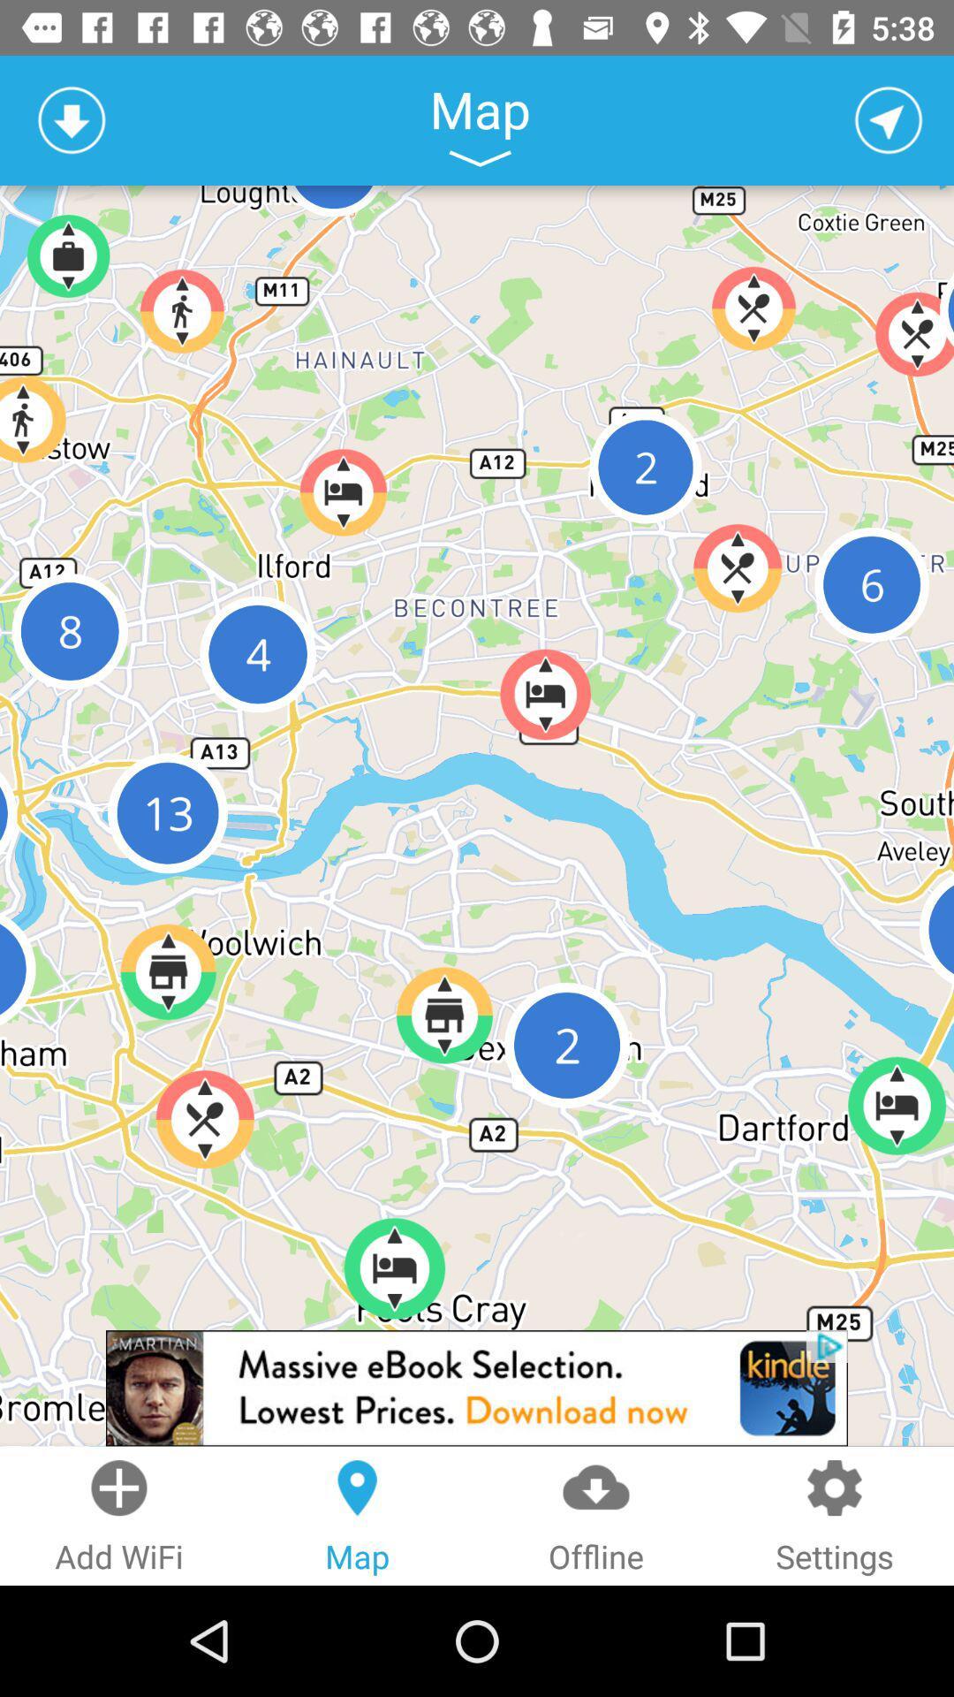 The width and height of the screenshot is (954, 1697). What do you see at coordinates (889, 119) in the screenshot?
I see `navigate` at bounding box center [889, 119].